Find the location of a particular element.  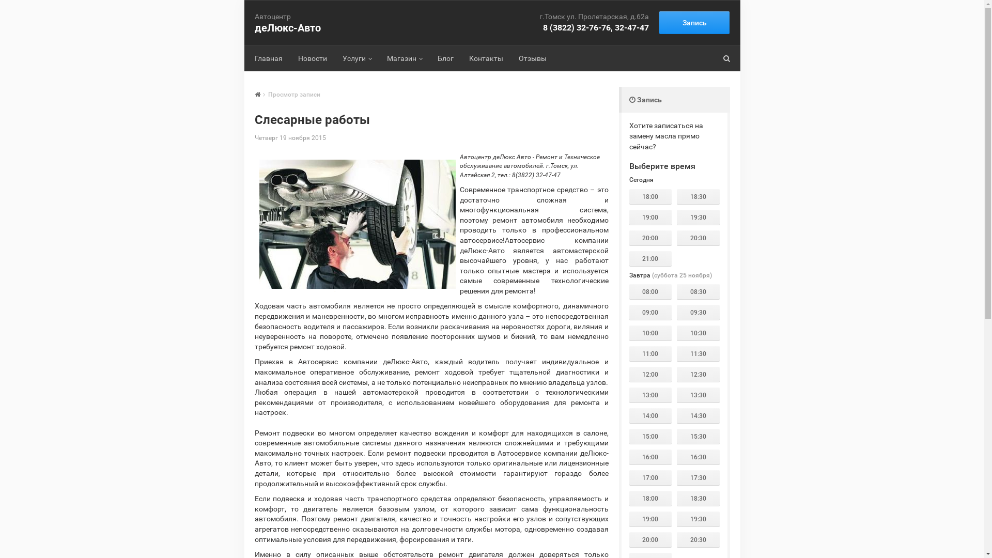

'11:00' is located at coordinates (650, 353).